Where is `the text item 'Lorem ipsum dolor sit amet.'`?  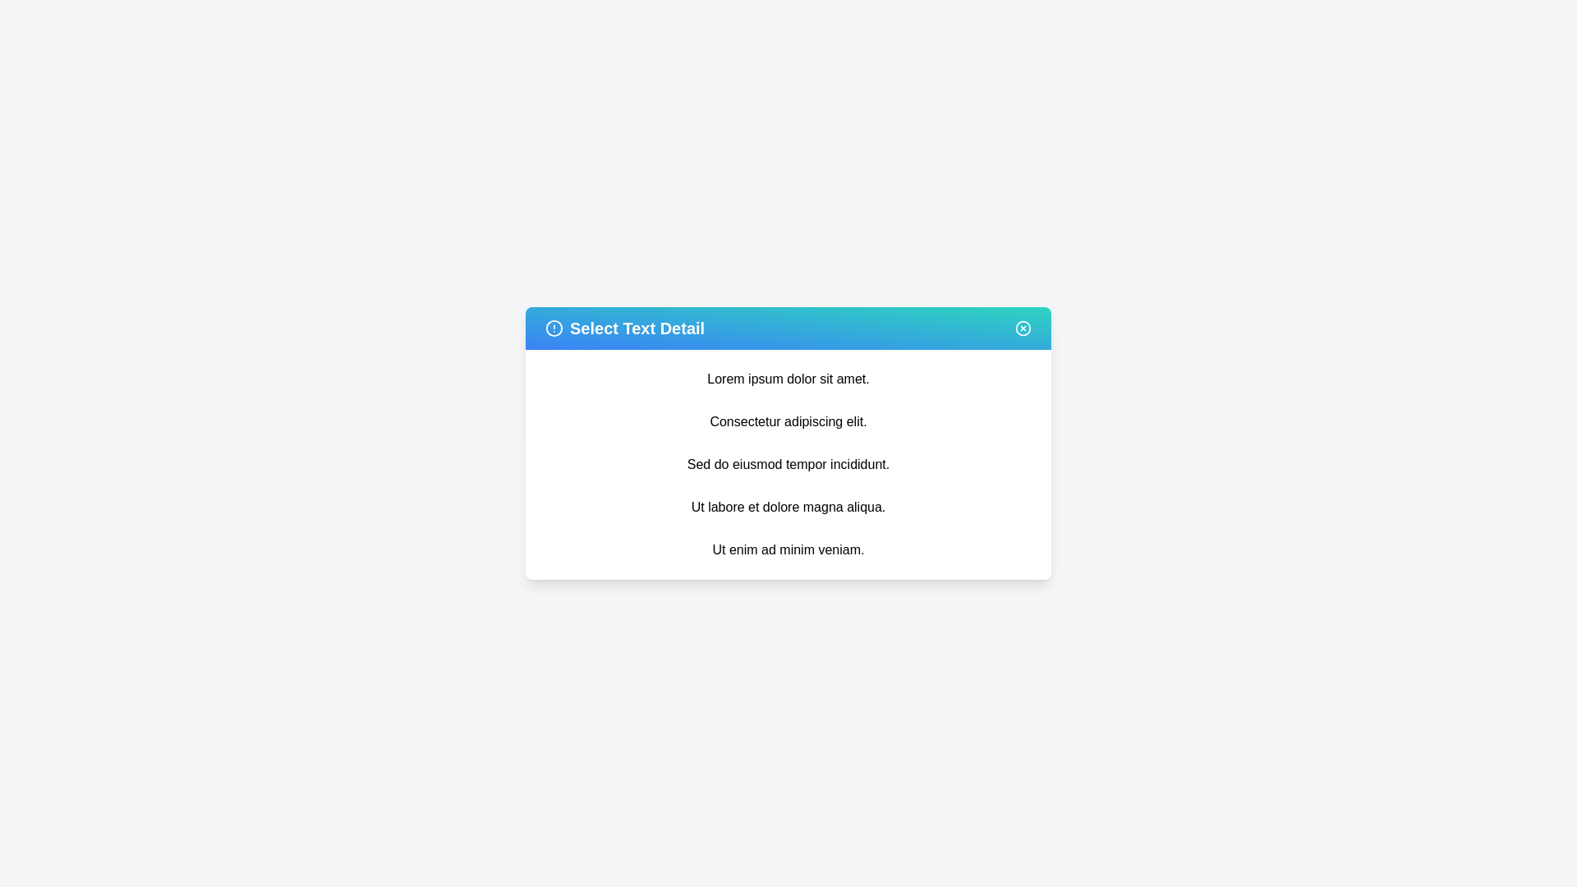
the text item 'Lorem ipsum dolor sit amet.' is located at coordinates (788, 379).